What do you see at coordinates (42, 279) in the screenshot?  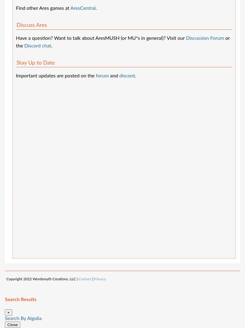 I see `'Copyright 2022 Wordsmyth Creations, LLC |'` at bounding box center [42, 279].